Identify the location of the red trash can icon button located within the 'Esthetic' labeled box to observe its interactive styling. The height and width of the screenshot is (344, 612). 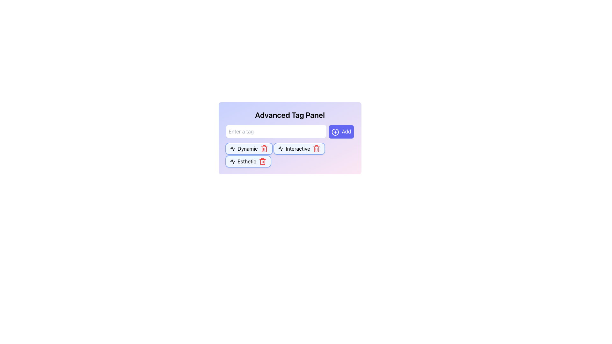
(262, 161).